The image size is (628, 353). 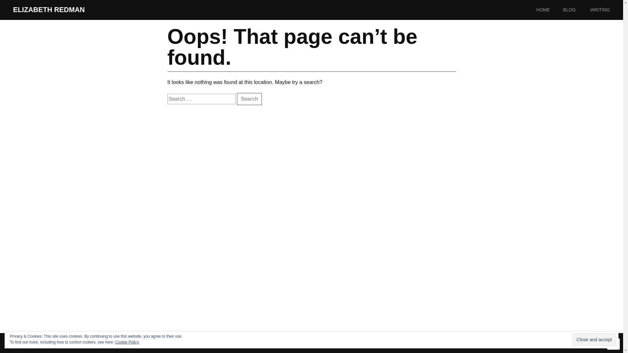 I want to click on 'BLOG', so click(x=576, y=10).